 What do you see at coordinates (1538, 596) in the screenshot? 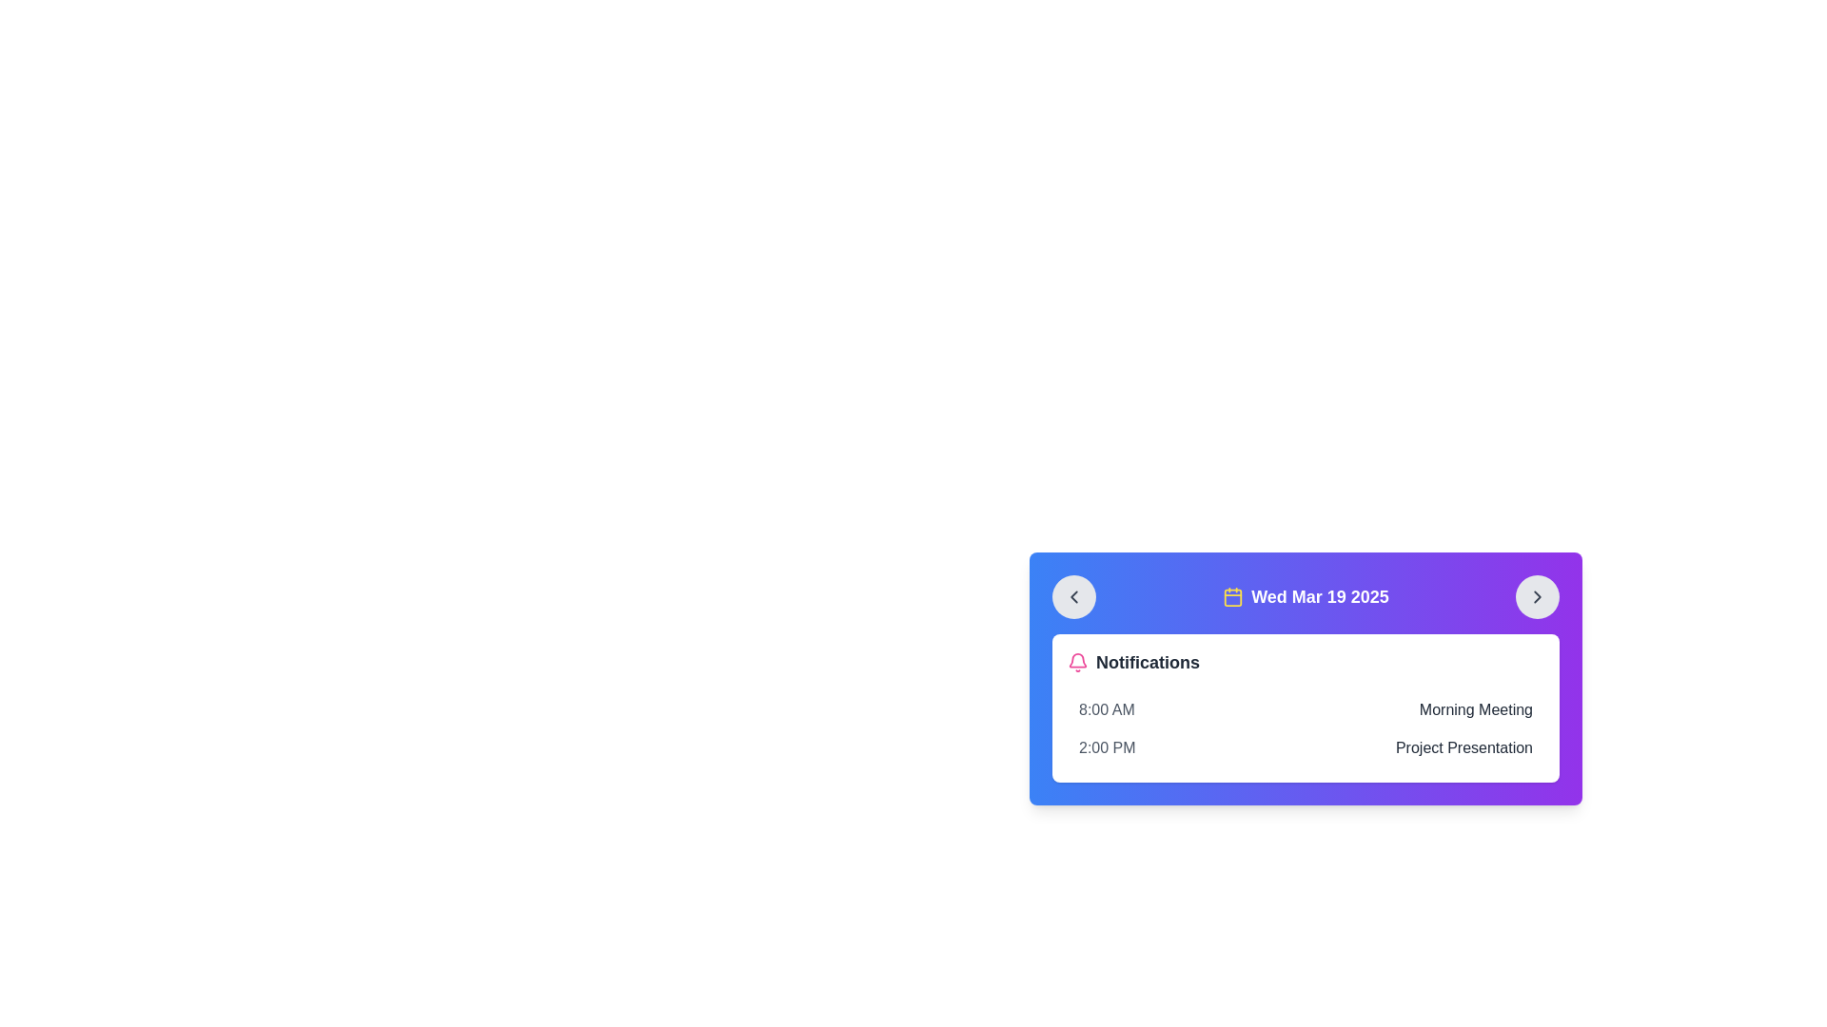
I see `the rightmost navigation button in the header section to move to the next date in the calendar` at bounding box center [1538, 596].